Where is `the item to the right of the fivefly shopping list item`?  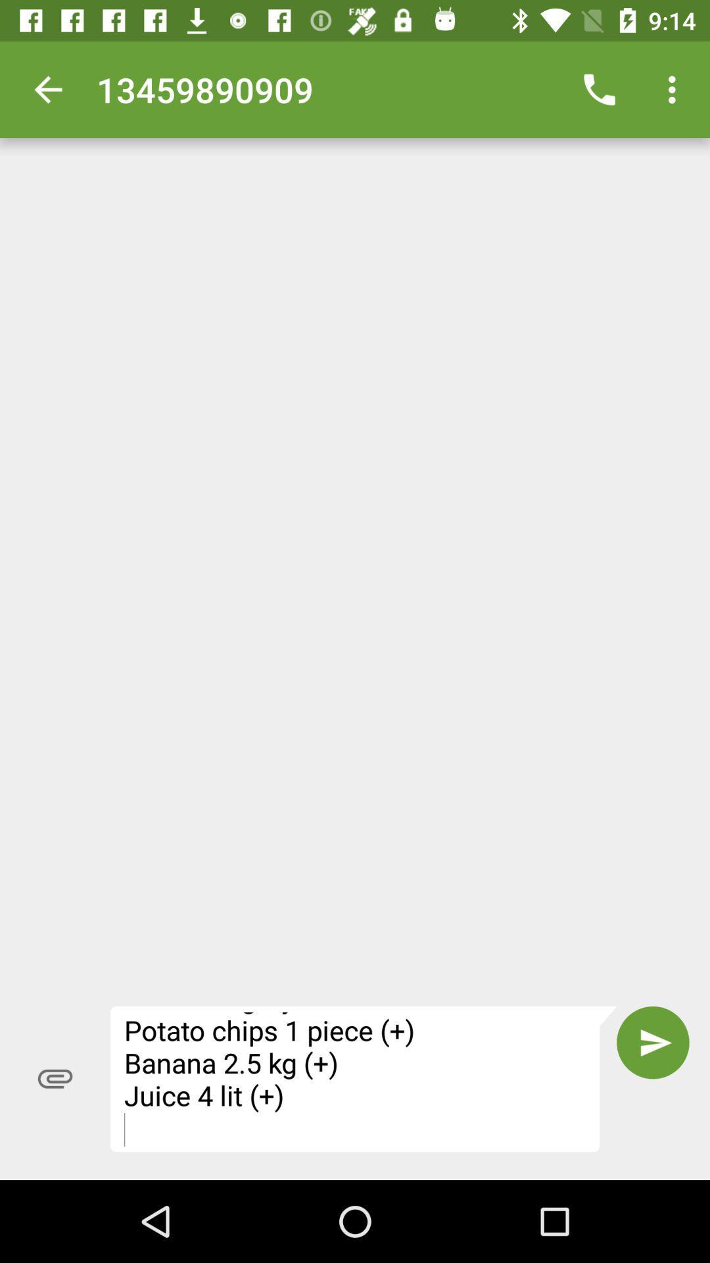 the item to the right of the fivefly shopping list item is located at coordinates (653, 1042).